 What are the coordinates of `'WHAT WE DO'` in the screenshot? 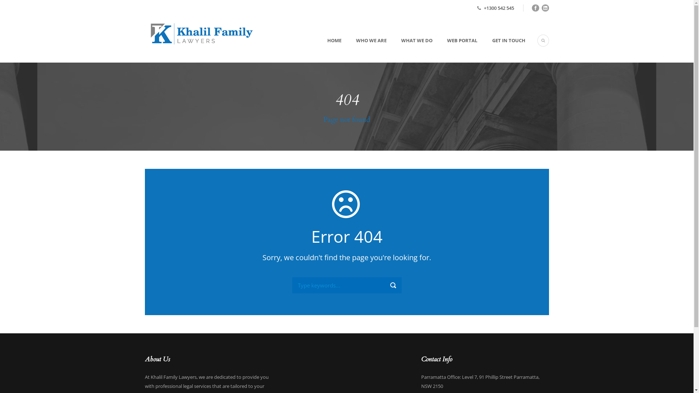 It's located at (409, 49).